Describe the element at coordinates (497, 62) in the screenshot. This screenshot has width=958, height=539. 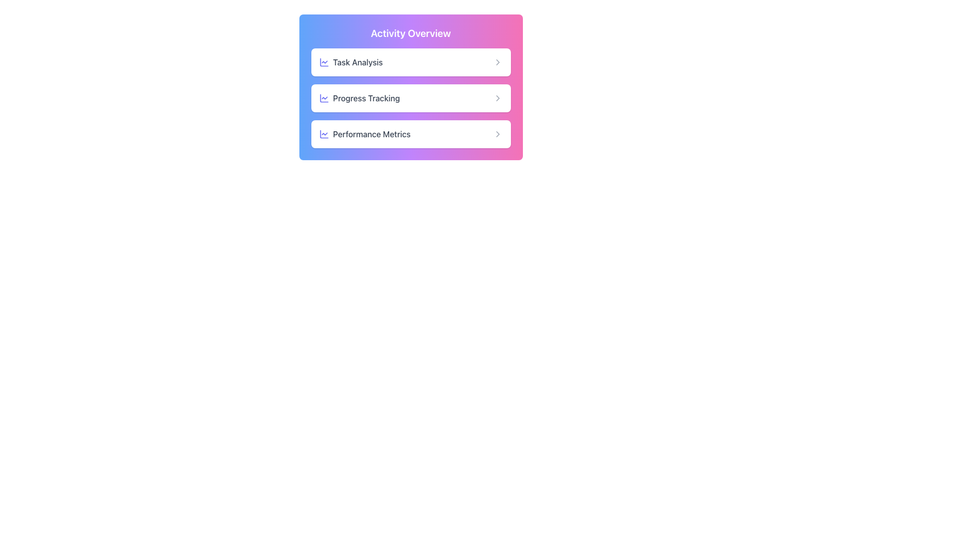
I see `the expansion icon located at the rightmost side of the 'Task Analysis' button` at that location.